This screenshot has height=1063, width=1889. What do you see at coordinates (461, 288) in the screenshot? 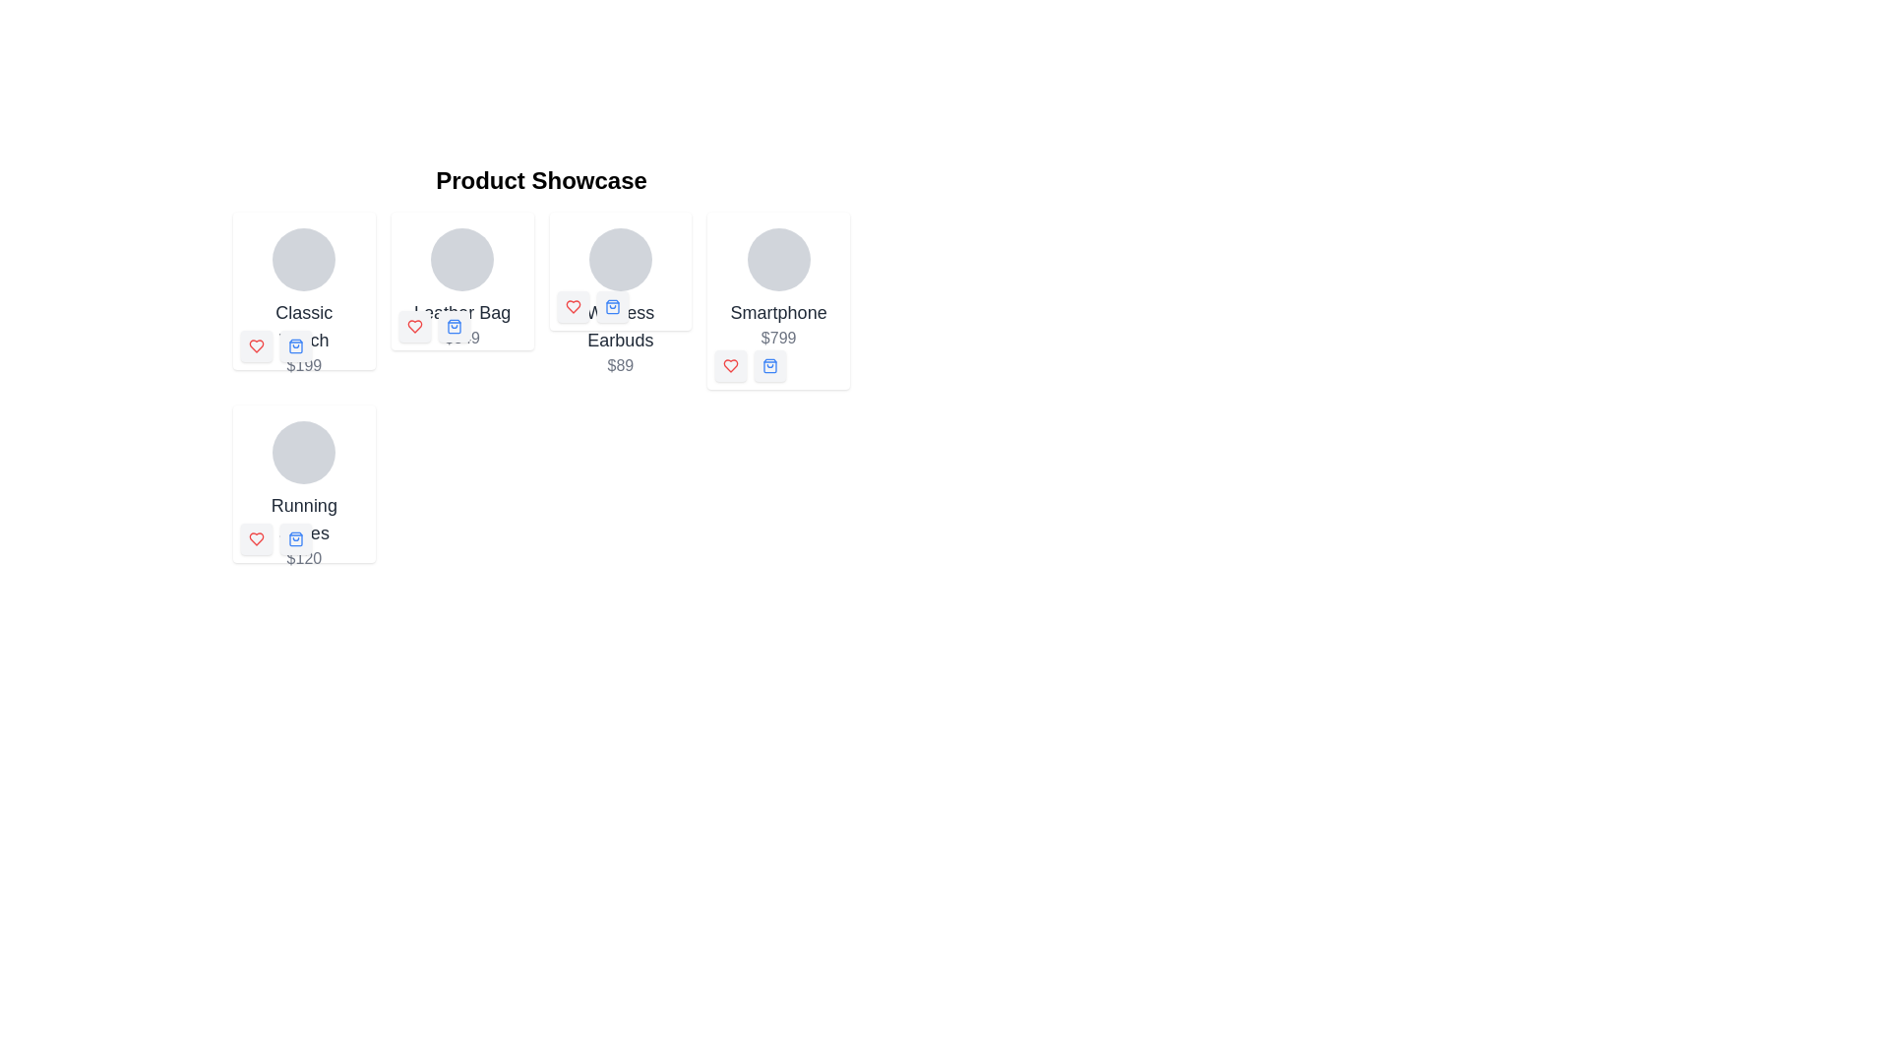
I see `the Product Display Card for 'Leather Bag'` at bounding box center [461, 288].